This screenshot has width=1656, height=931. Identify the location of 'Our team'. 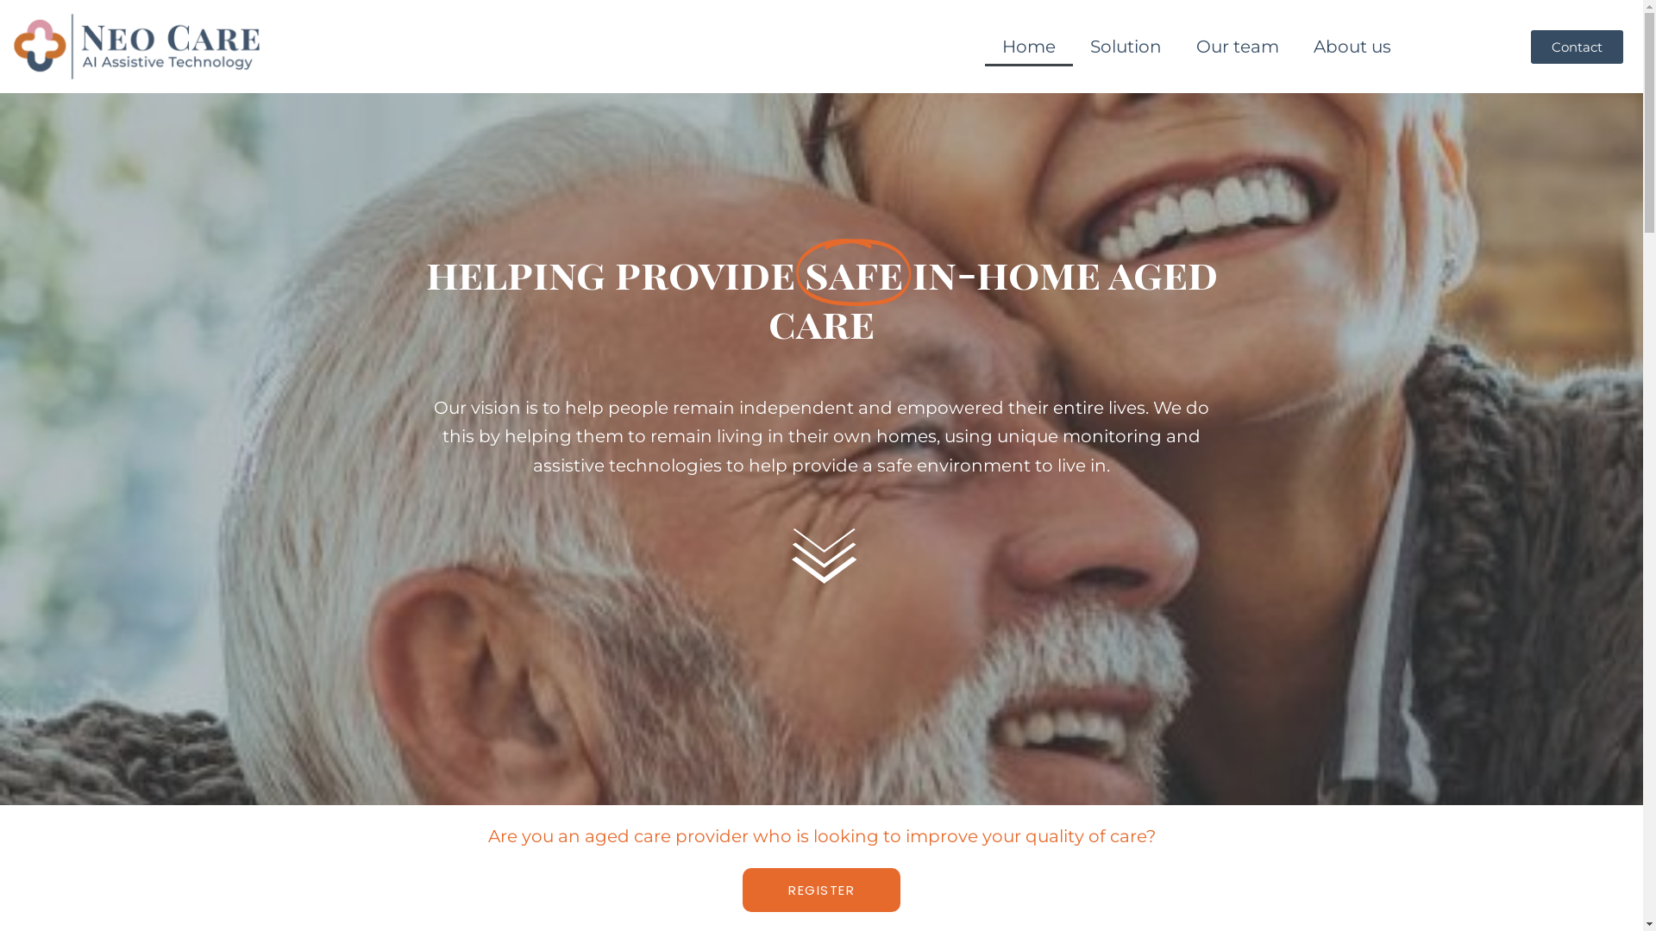
(1178, 46).